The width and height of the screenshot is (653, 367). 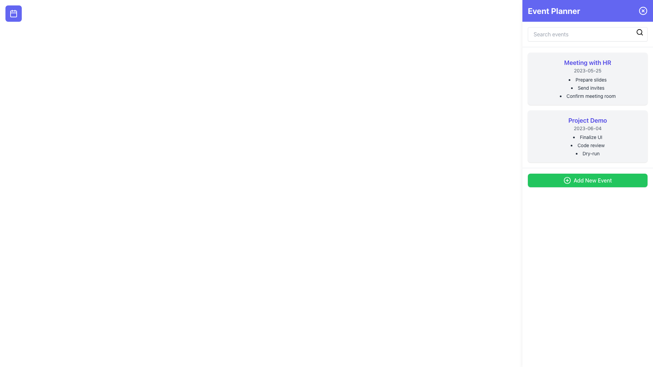 I want to click on listed items in the to-do list under the 'Meeting with HR' event in the right sidebar of the interface, so click(x=587, y=87).